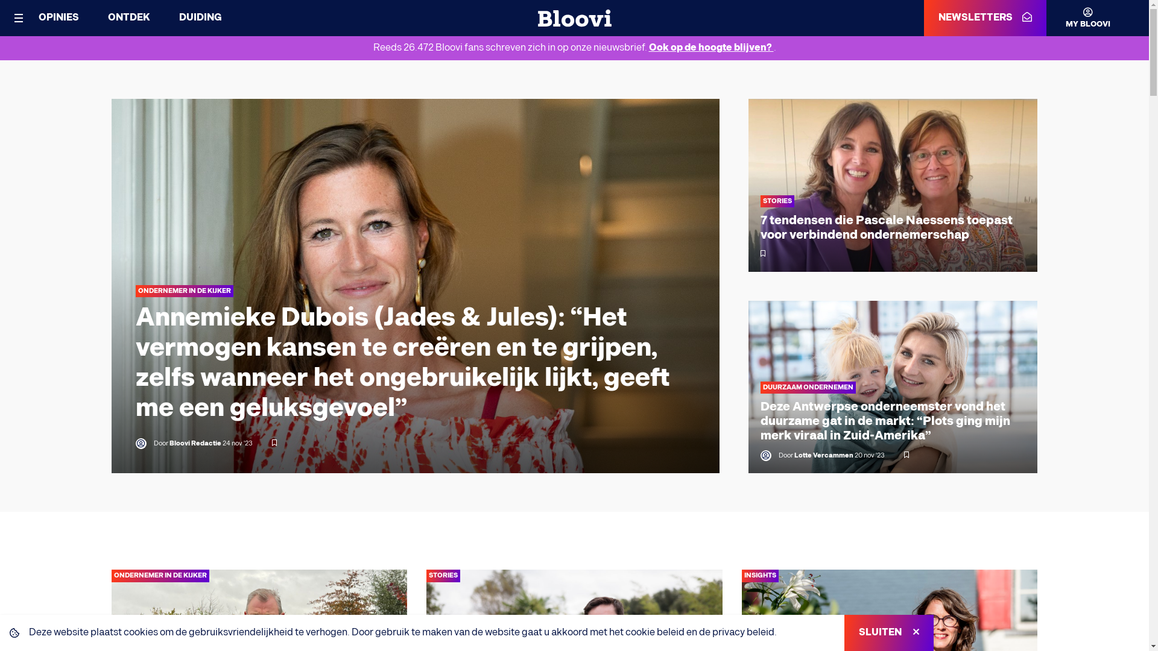  I want to click on 'DUIDING', so click(200, 17).